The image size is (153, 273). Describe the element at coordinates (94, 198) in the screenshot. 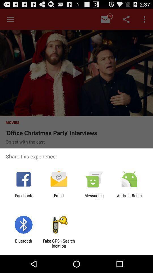

I see `messaging icon` at that location.